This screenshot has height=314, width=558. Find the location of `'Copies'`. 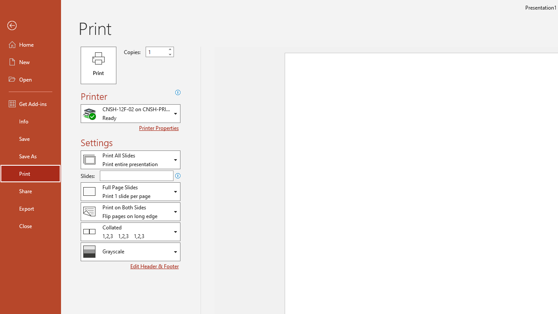

'Copies' is located at coordinates (160, 52).